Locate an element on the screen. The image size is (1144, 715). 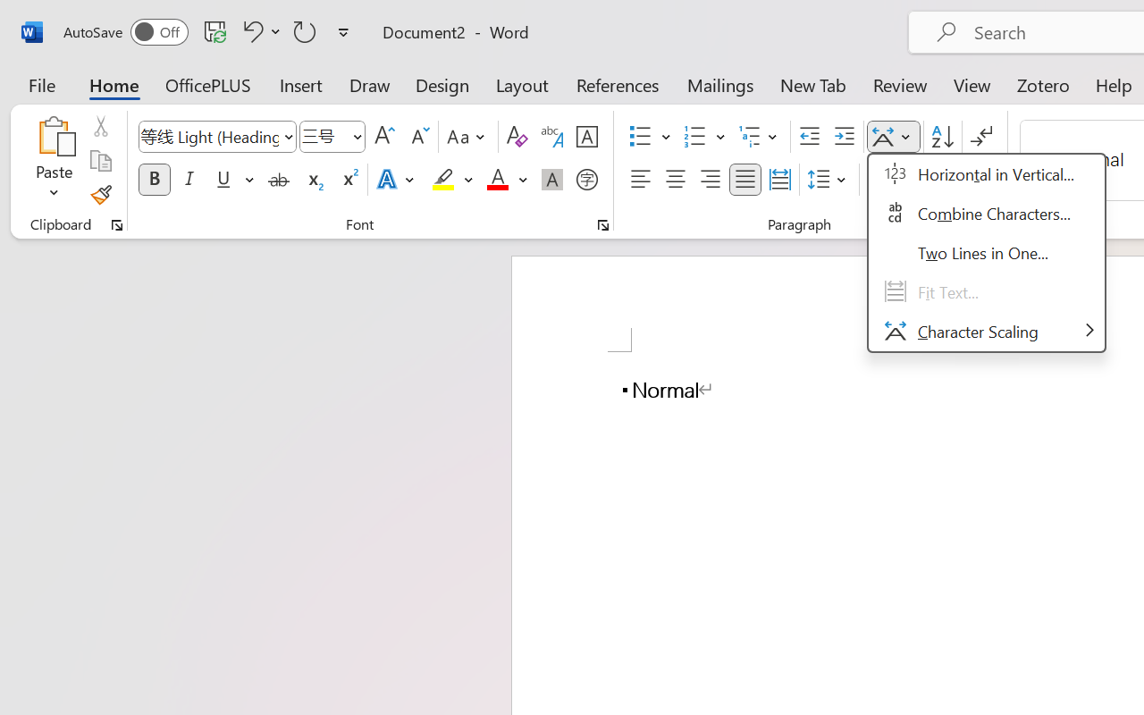
'Design' is located at coordinates (442, 84).